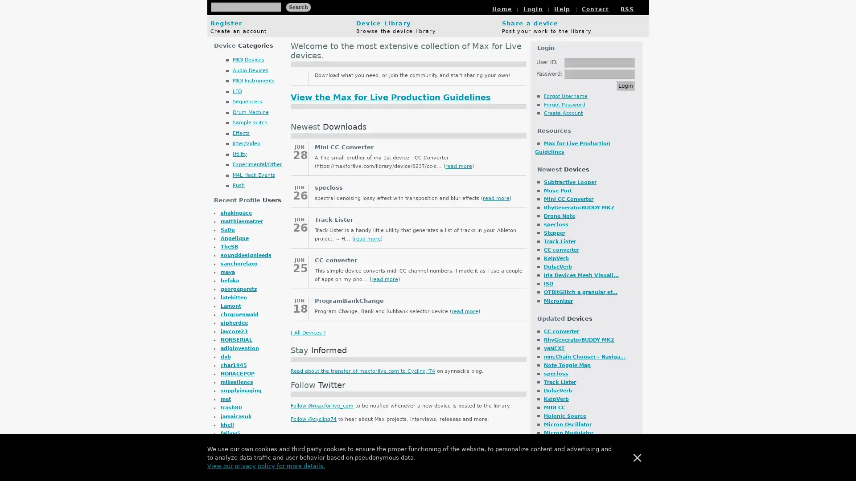 The width and height of the screenshot is (856, 481). What do you see at coordinates (298, 7) in the screenshot?
I see `Search` at bounding box center [298, 7].